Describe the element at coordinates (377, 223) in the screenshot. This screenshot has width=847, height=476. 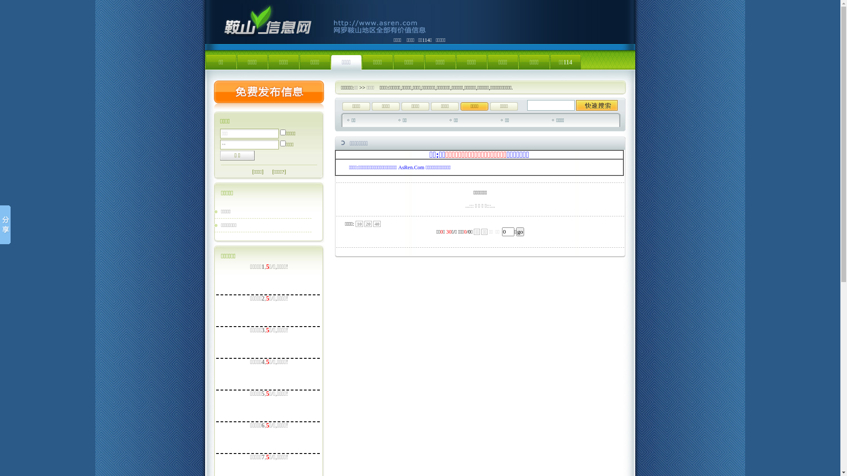
I see `'40'` at that location.